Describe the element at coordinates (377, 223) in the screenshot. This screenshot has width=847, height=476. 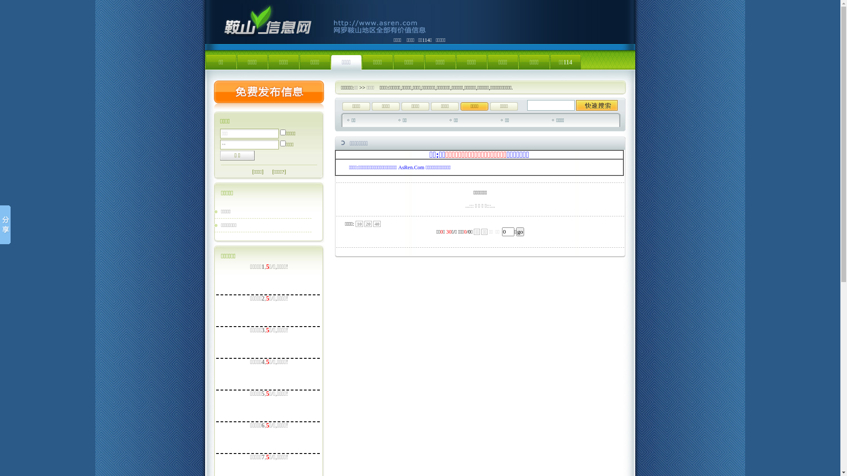
I see `'40'` at that location.